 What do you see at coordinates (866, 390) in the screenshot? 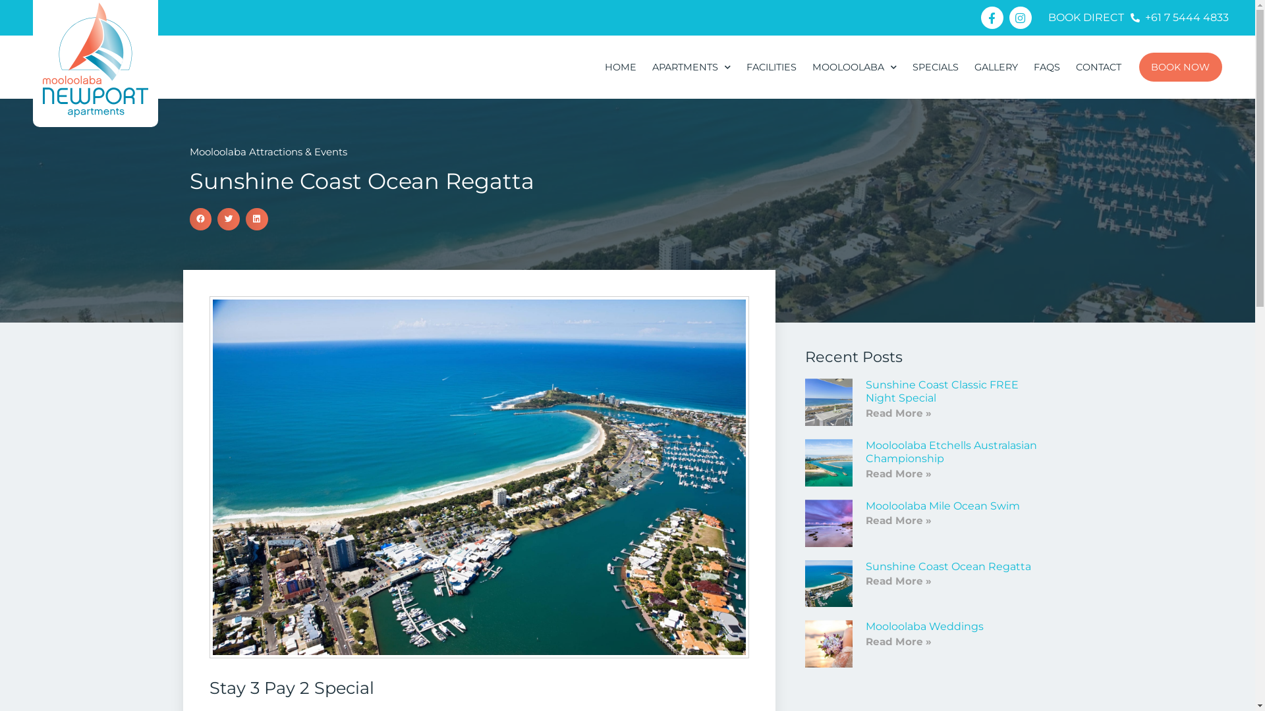
I see `'Sunshine Coast Classic FREE Night Special'` at bounding box center [866, 390].